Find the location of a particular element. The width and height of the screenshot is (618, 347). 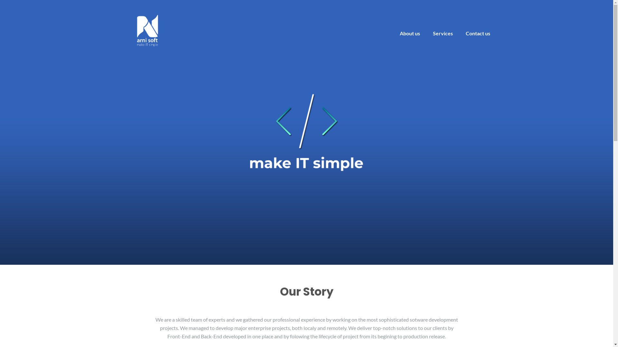

'Services' is located at coordinates (433, 33).